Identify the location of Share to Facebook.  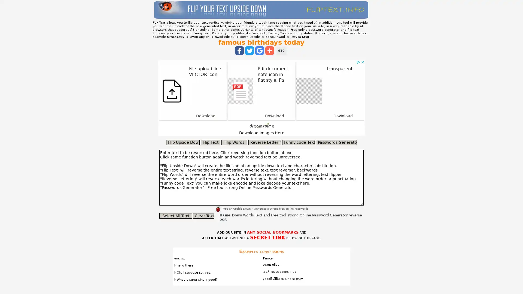
(239, 50).